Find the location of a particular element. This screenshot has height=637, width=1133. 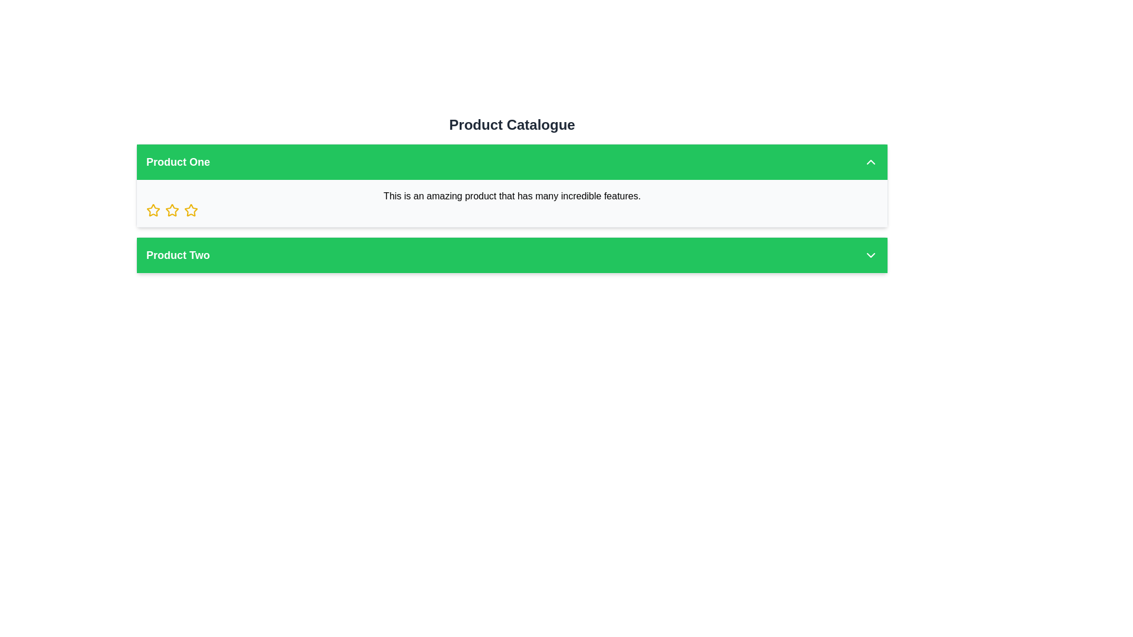

the third star of the graphical rating icon below the 'Product One' header is located at coordinates (191, 209).